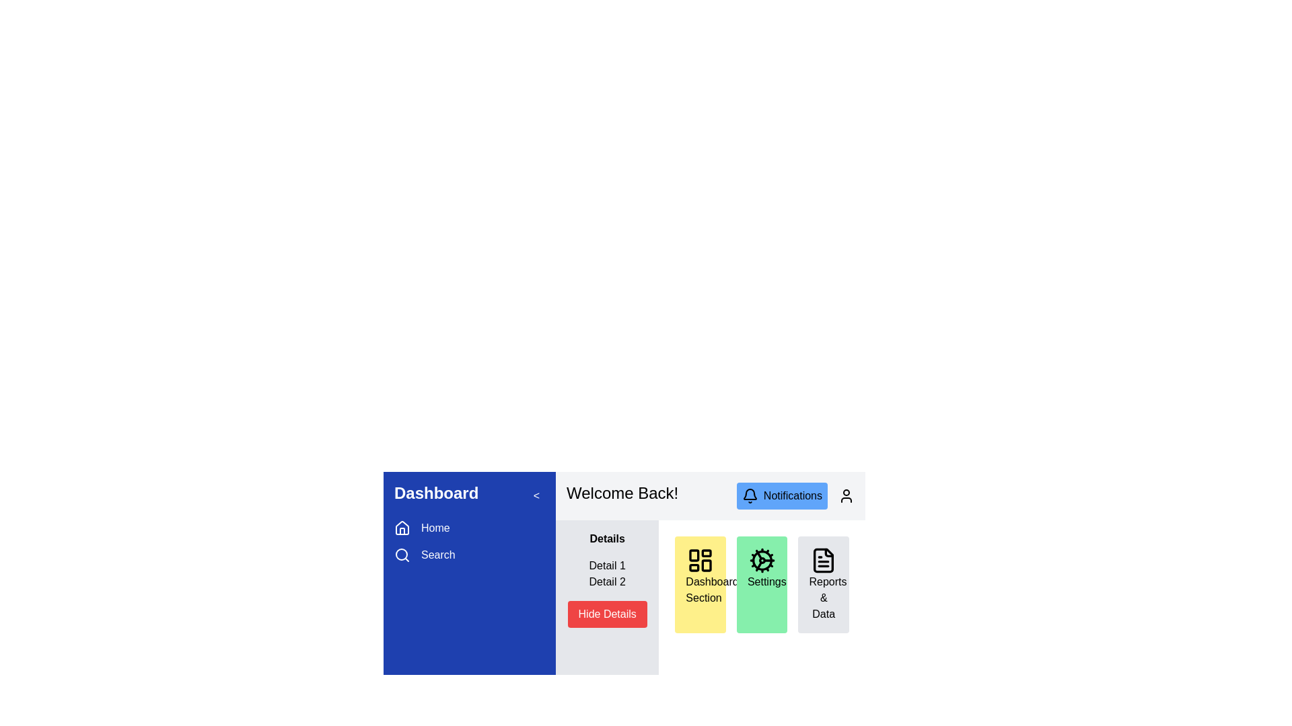 This screenshot has height=726, width=1292. What do you see at coordinates (762, 584) in the screenshot?
I see `the Settings button card, which has a green background, rounded corners, a black cogwheel icon at the top, and the text 'Settings' in black underneath` at bounding box center [762, 584].